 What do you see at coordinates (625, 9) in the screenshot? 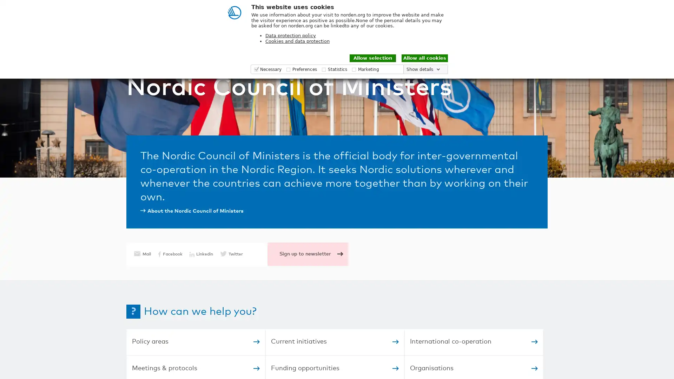
I see `List additional actions` at bounding box center [625, 9].